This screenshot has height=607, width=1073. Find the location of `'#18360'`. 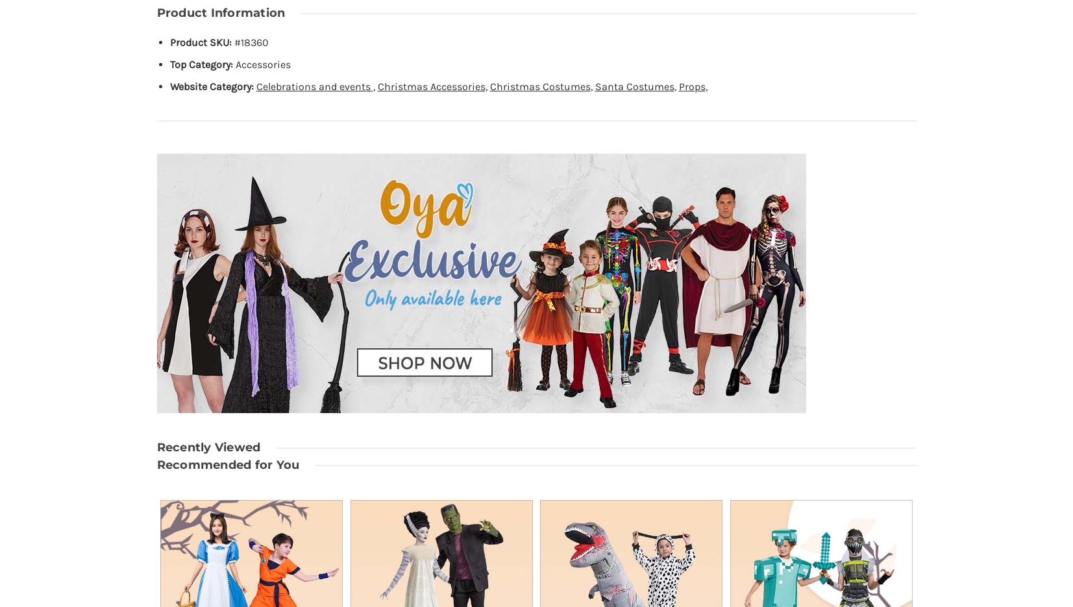

'#18360' is located at coordinates (249, 42).